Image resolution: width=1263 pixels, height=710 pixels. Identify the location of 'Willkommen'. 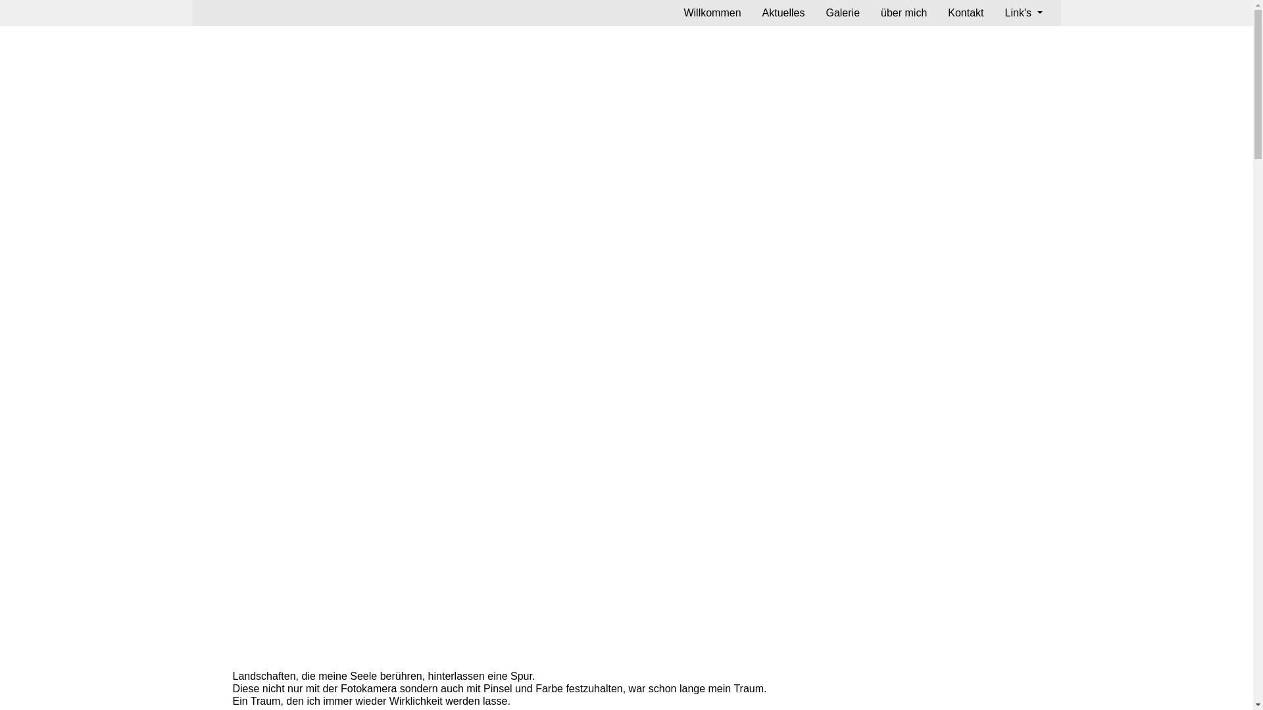
(711, 12).